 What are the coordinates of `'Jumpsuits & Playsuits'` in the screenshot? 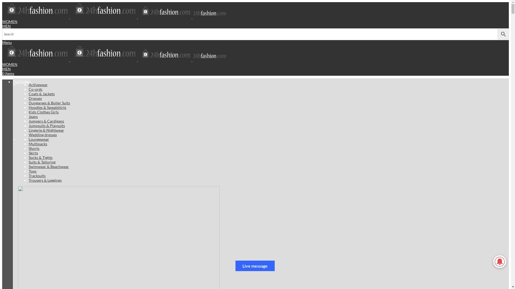 It's located at (47, 125).